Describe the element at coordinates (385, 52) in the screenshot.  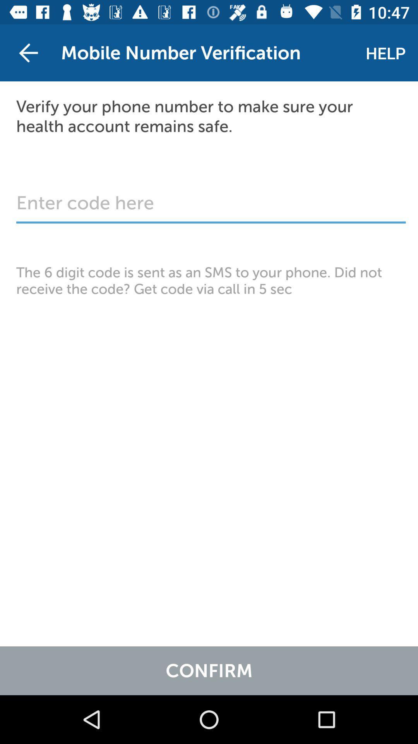
I see `icon above verify your phone icon` at that location.